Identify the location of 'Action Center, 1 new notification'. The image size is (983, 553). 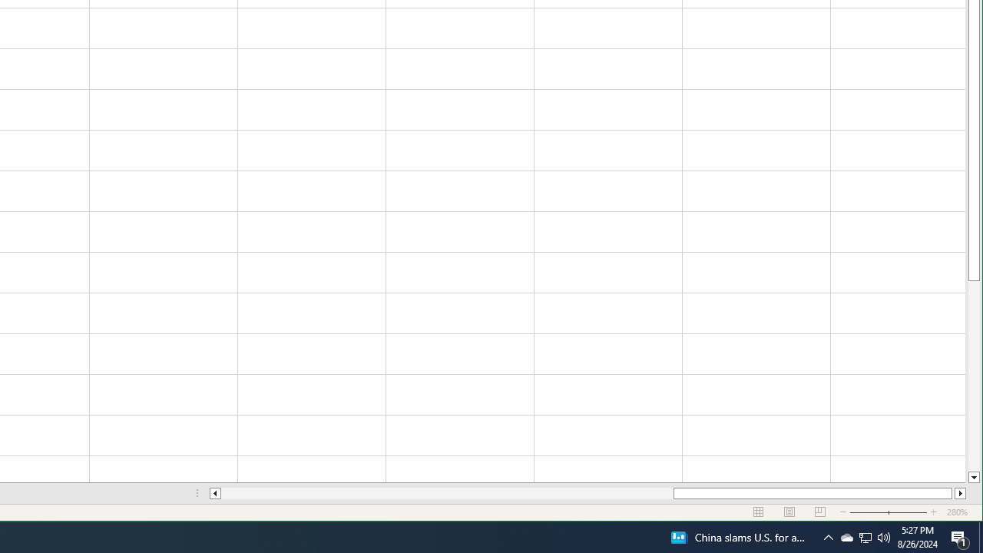
(960, 536).